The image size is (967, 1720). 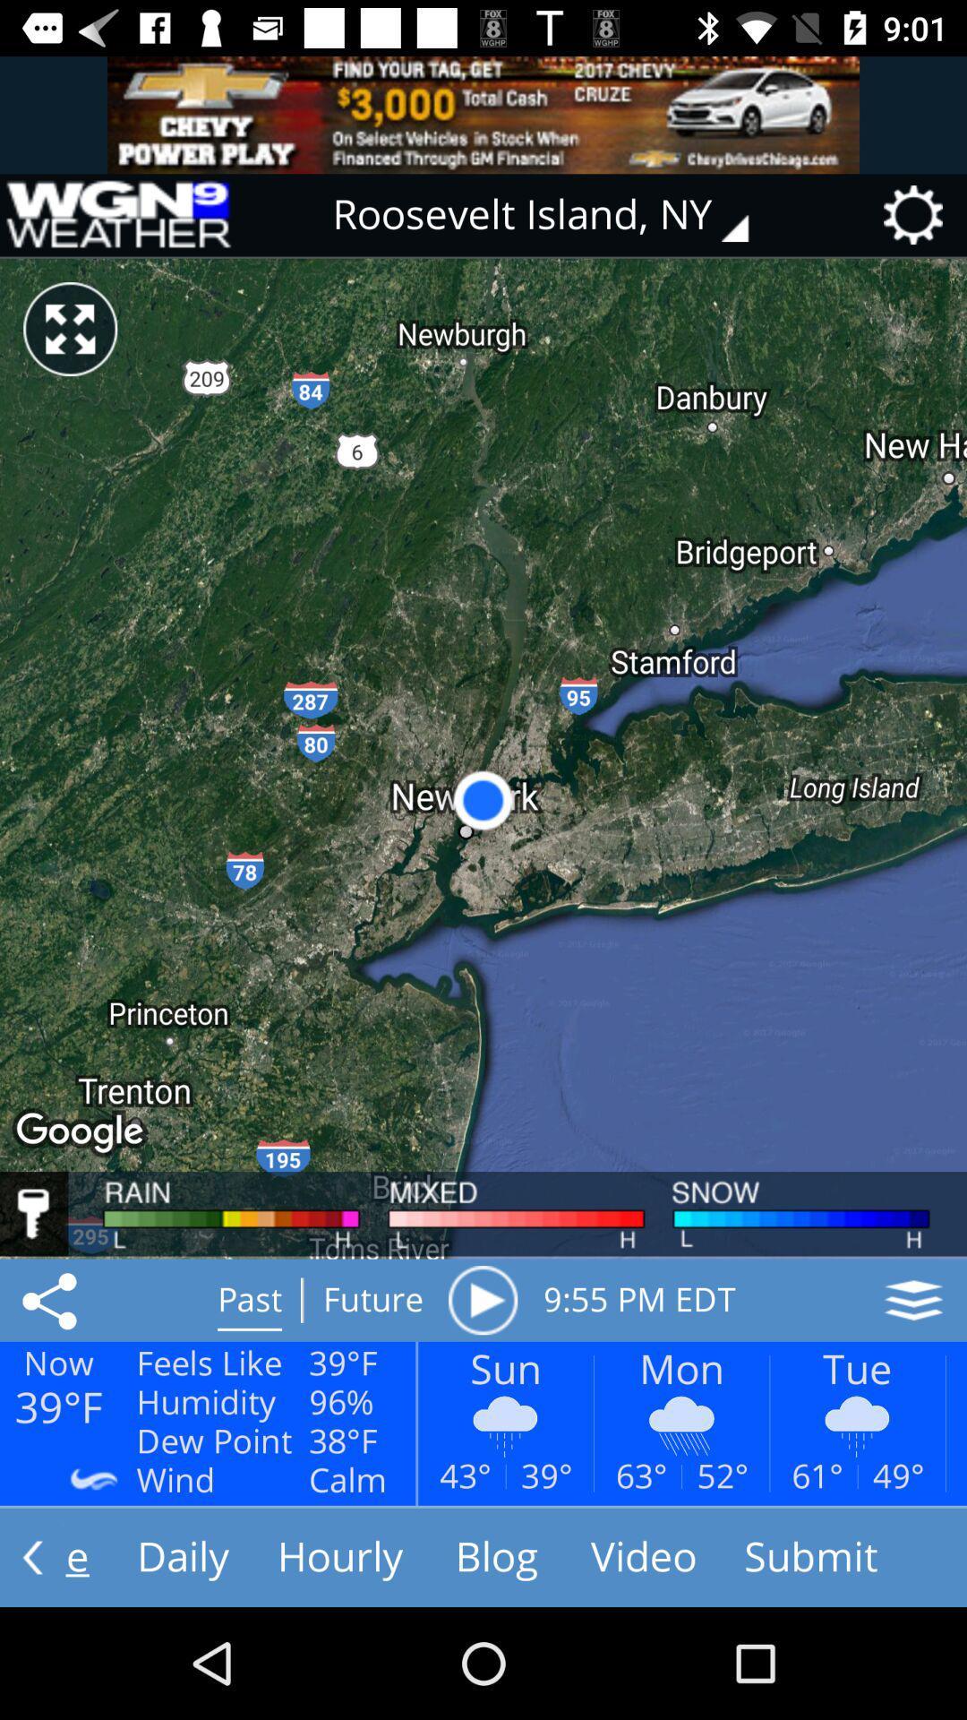 I want to click on the share icon, so click(x=52, y=1300).